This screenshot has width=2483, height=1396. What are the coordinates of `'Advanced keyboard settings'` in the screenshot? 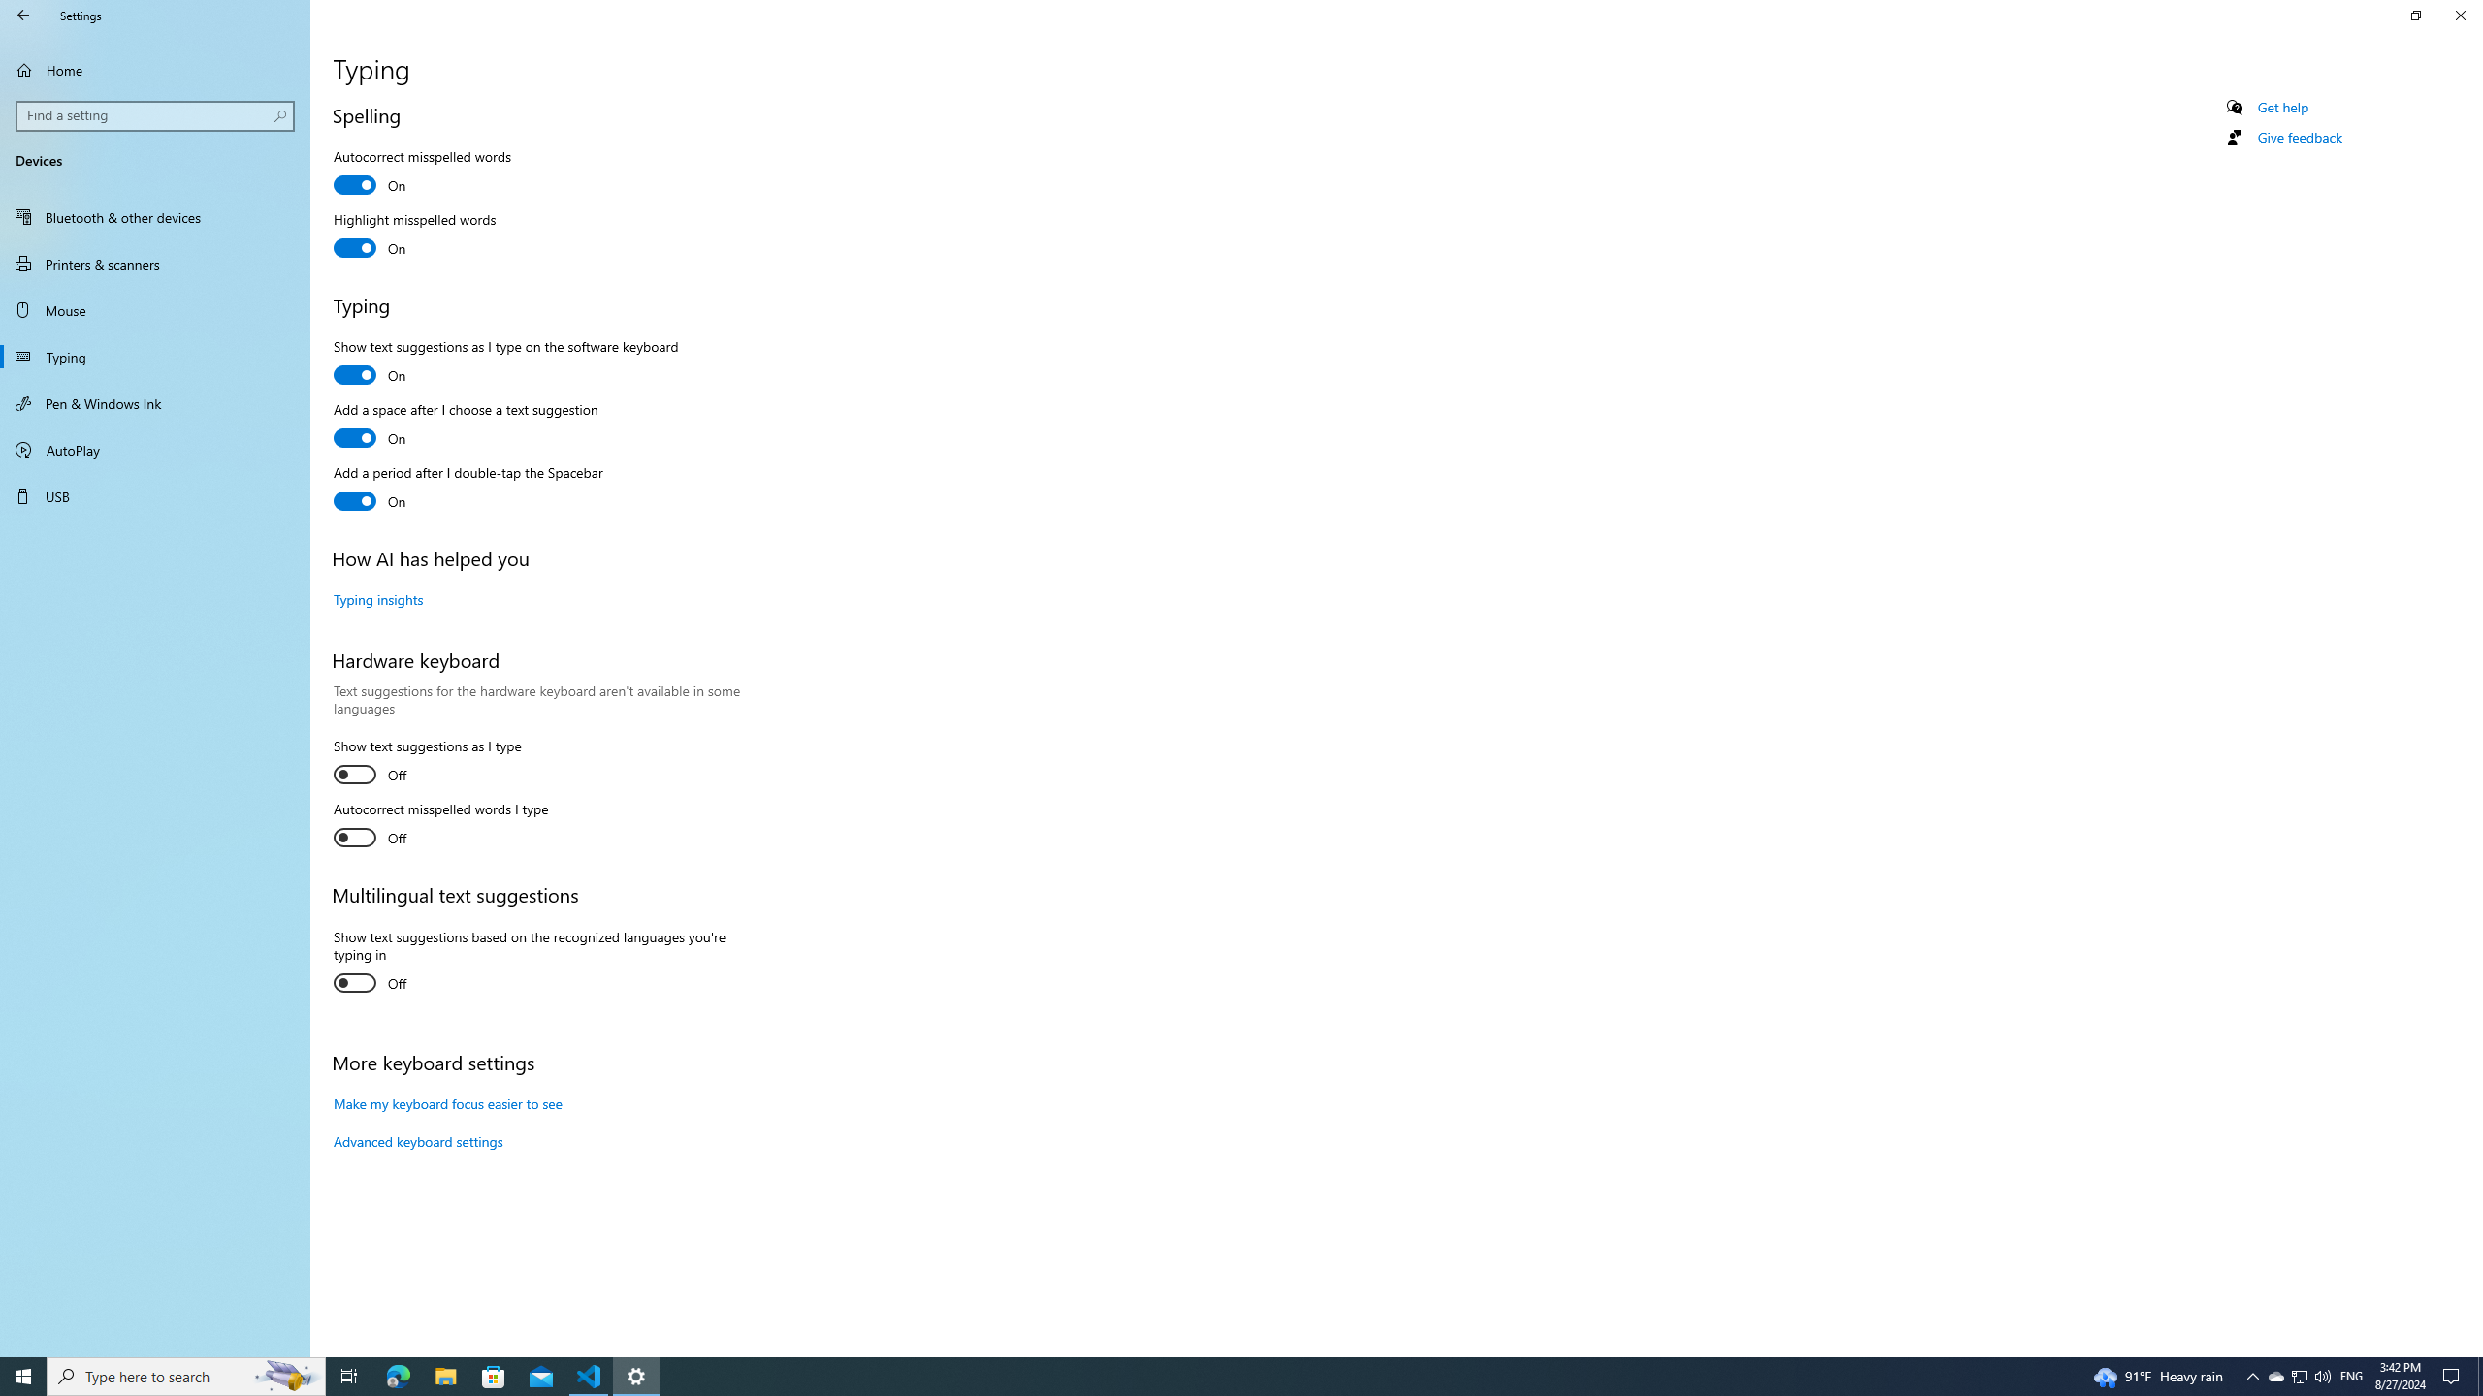 It's located at (418, 1140).